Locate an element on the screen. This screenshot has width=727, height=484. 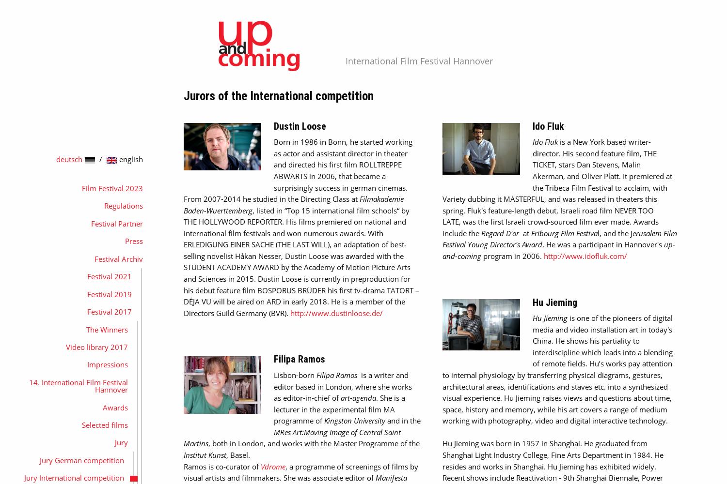
'Festival Archiv' is located at coordinates (118, 258).